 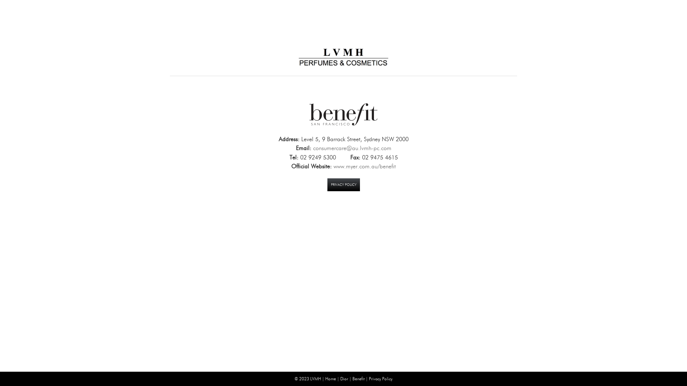 What do you see at coordinates (344, 378) in the screenshot?
I see `'Dior'` at bounding box center [344, 378].